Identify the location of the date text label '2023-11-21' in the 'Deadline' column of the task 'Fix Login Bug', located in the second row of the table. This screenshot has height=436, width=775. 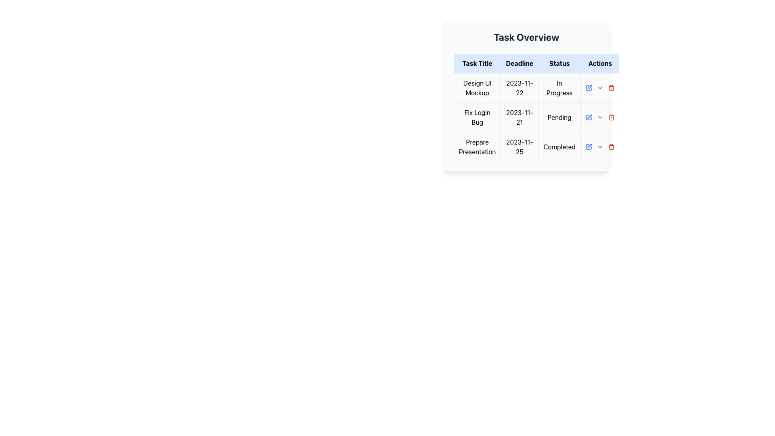
(519, 117).